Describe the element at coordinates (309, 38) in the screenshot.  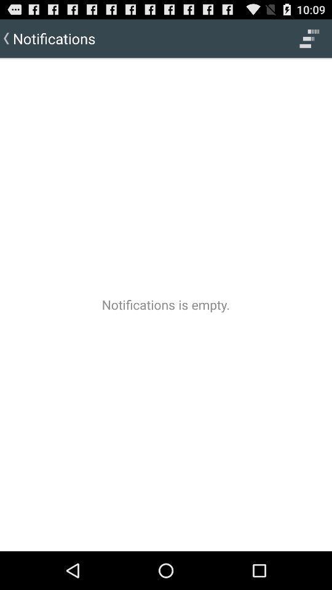
I see `the item next to the notifications` at that location.